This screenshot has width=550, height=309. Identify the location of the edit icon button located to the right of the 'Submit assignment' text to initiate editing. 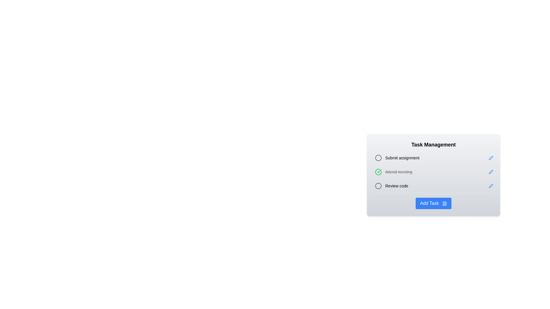
(490, 158).